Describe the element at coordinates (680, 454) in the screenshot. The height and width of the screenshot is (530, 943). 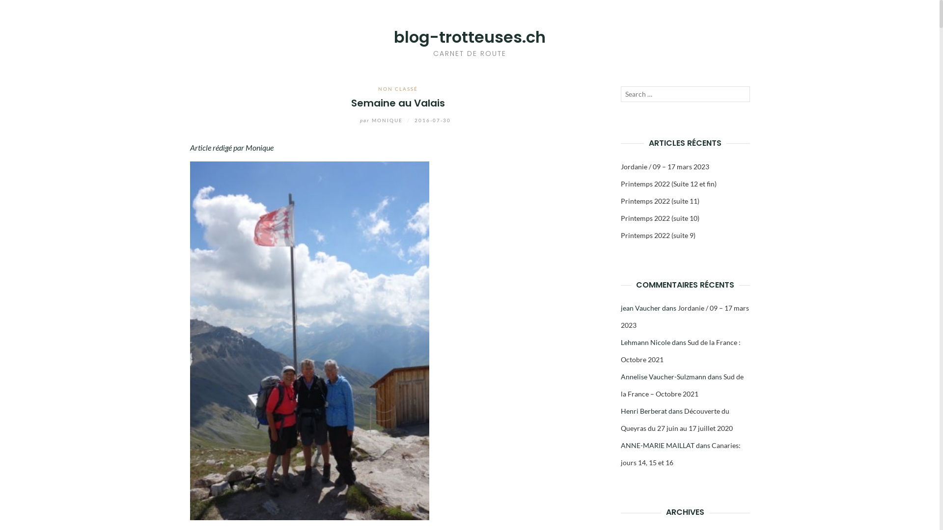
I see `'Canaries: jours 14, 15 et 16'` at that location.